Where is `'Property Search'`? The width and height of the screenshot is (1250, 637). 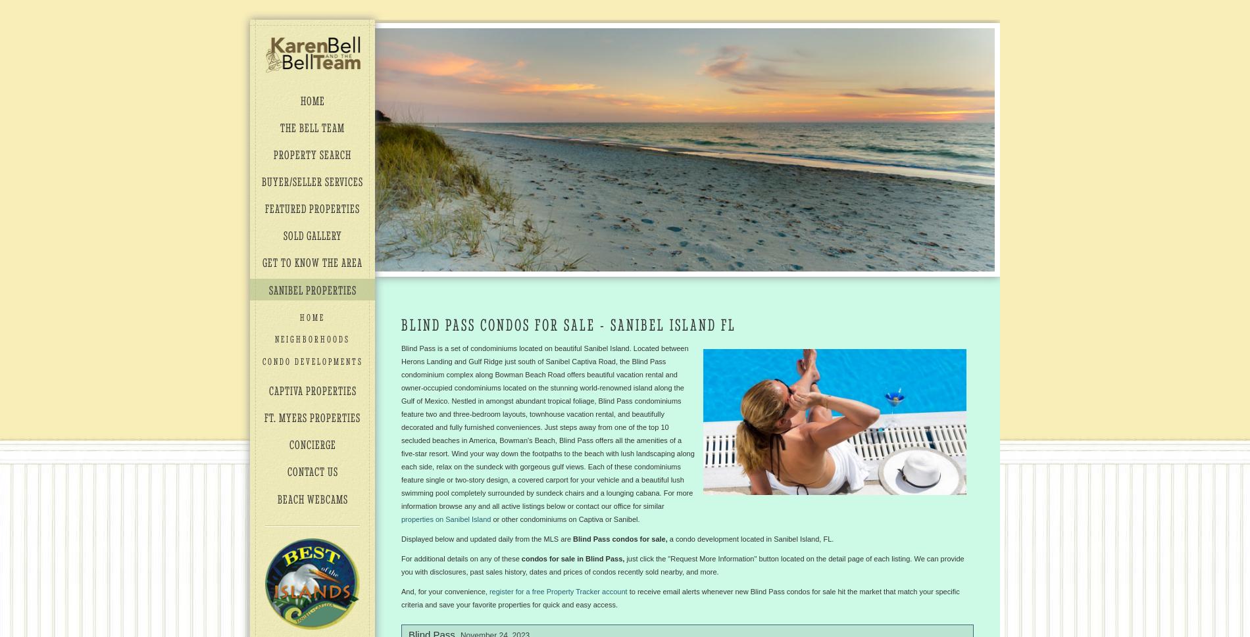
'Property Search' is located at coordinates (312, 153).